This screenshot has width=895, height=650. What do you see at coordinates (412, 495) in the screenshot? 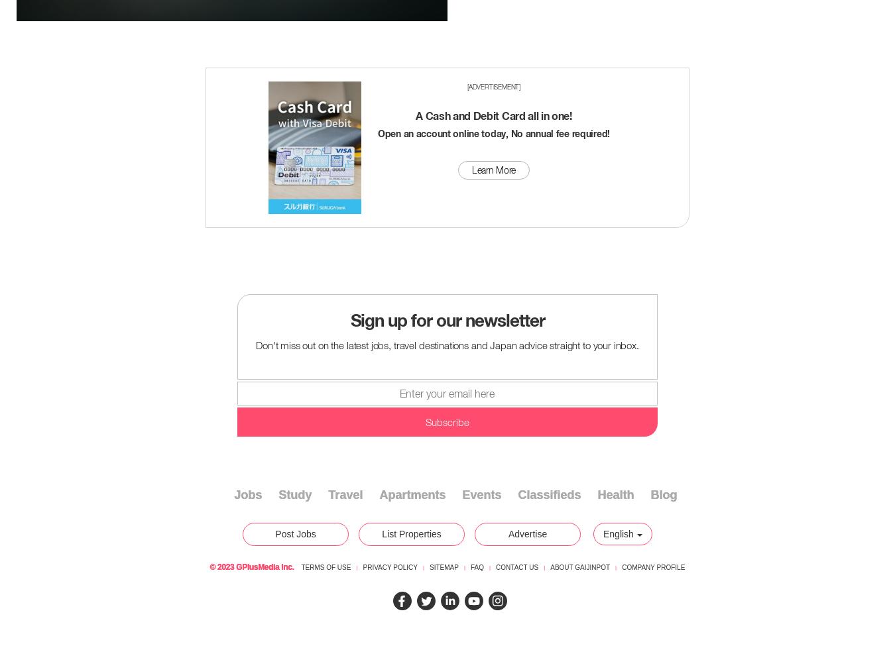
I see `'Apartments'` at bounding box center [412, 495].